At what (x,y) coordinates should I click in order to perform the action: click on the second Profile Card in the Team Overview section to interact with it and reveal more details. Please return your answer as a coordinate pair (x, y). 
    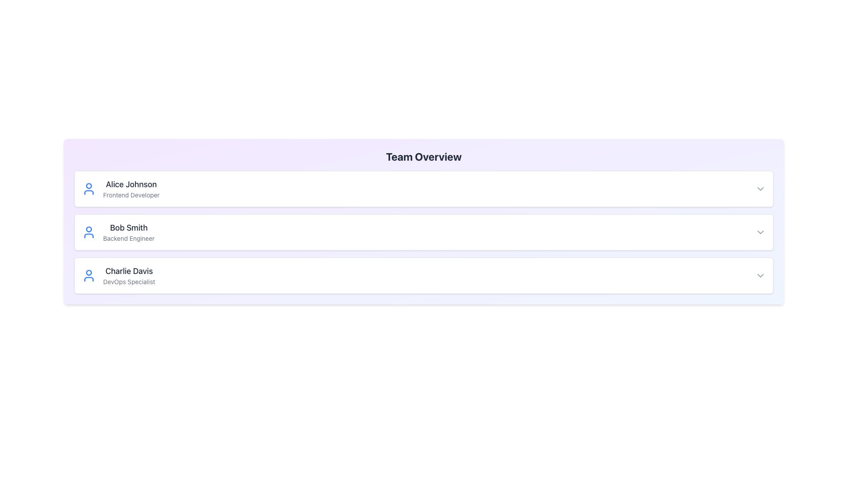
    Looking at the image, I should click on (423, 231).